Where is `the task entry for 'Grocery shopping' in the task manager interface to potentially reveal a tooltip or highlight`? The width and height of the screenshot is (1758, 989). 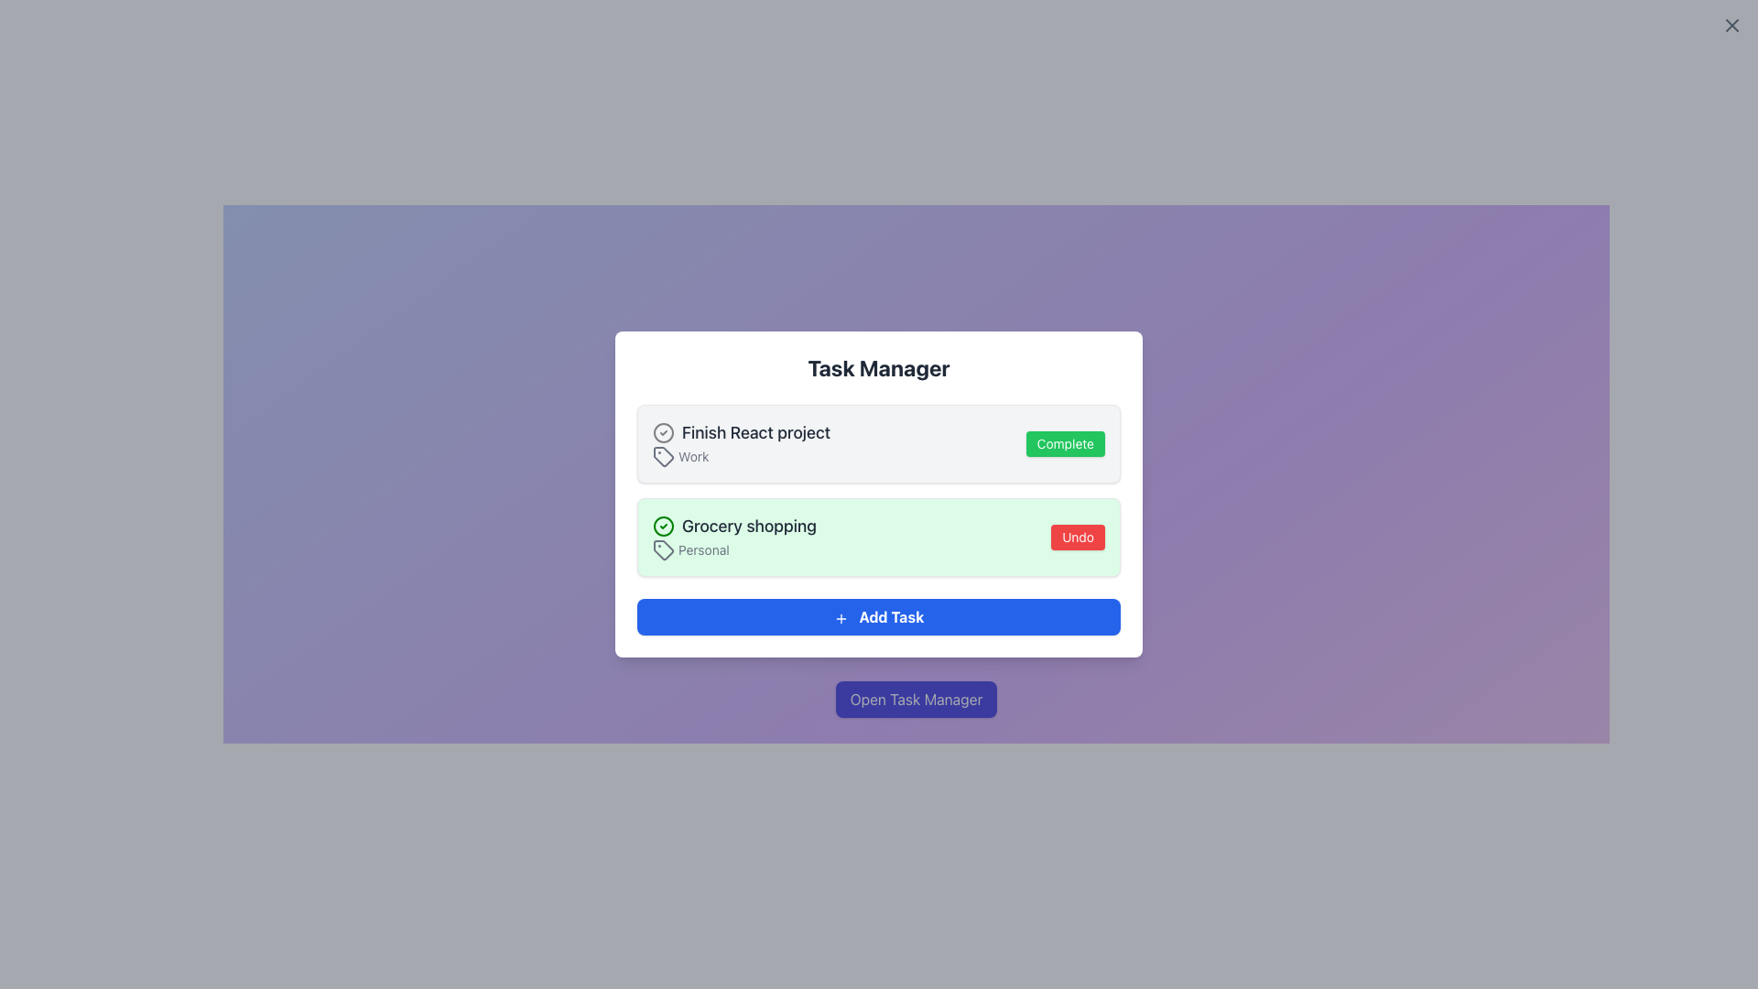 the task entry for 'Grocery shopping' in the task manager interface to potentially reveal a tooltip or highlight is located at coordinates (879, 536).